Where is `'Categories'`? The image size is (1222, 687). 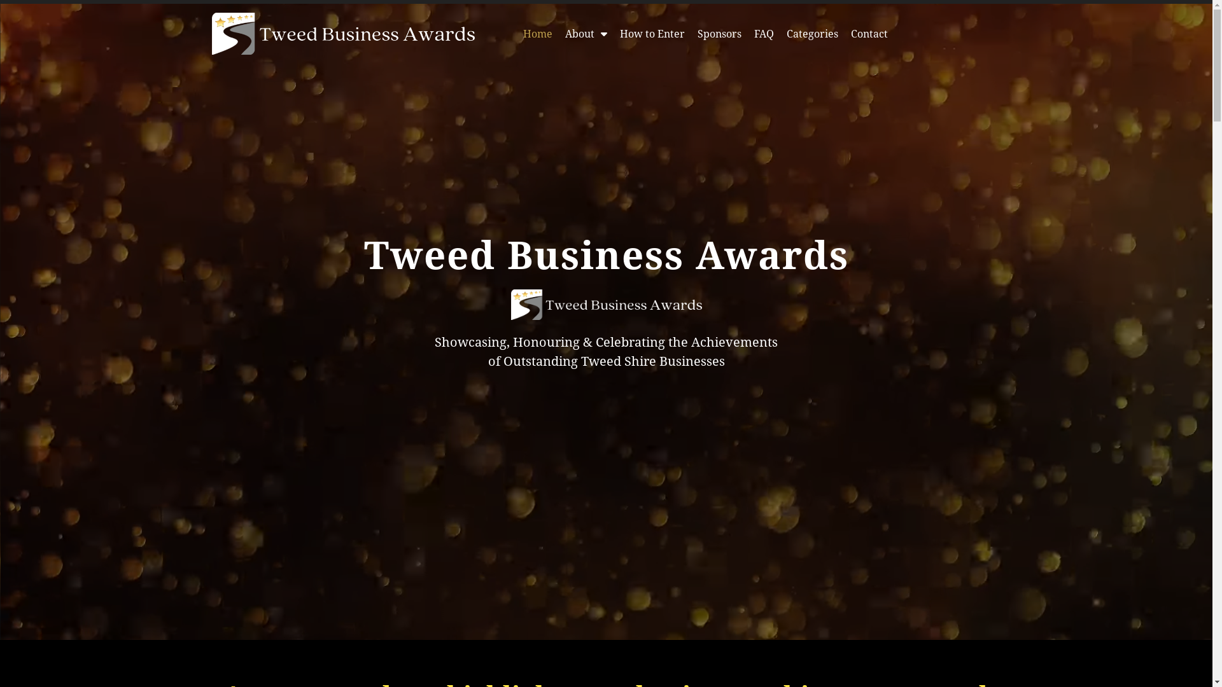 'Categories' is located at coordinates (811, 33).